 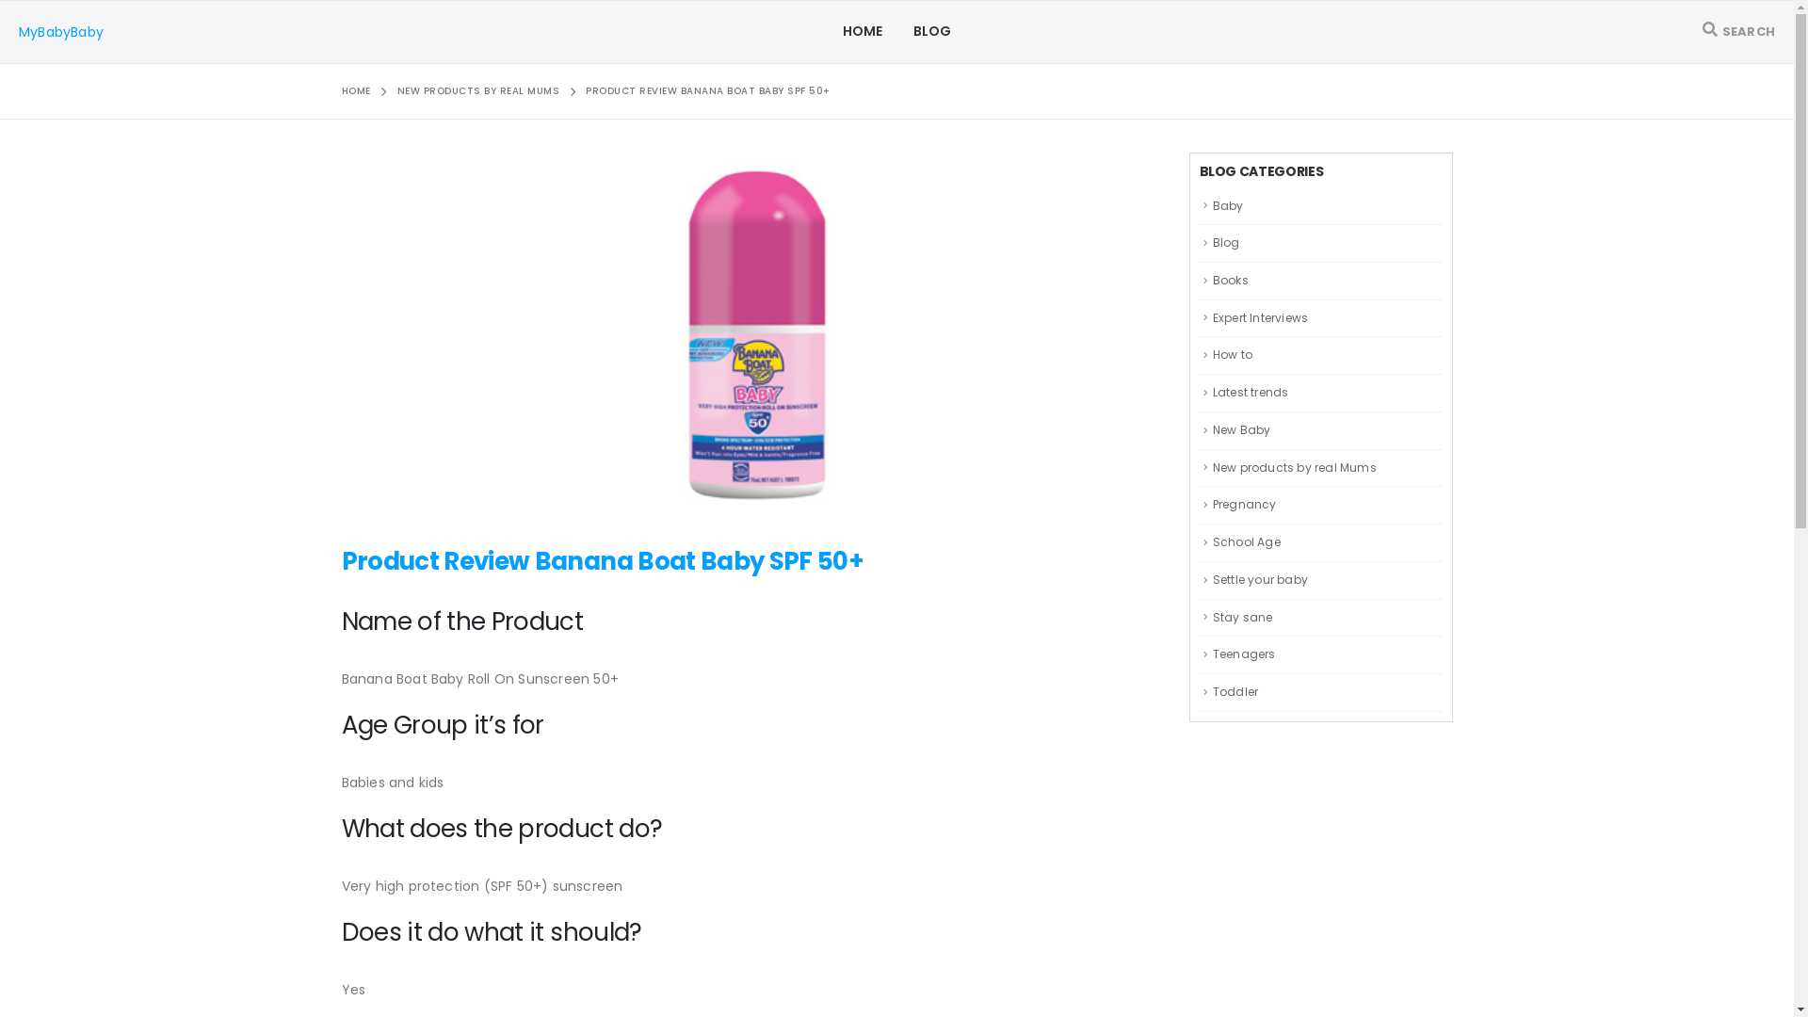 What do you see at coordinates (1228, 205) in the screenshot?
I see `'Baby'` at bounding box center [1228, 205].